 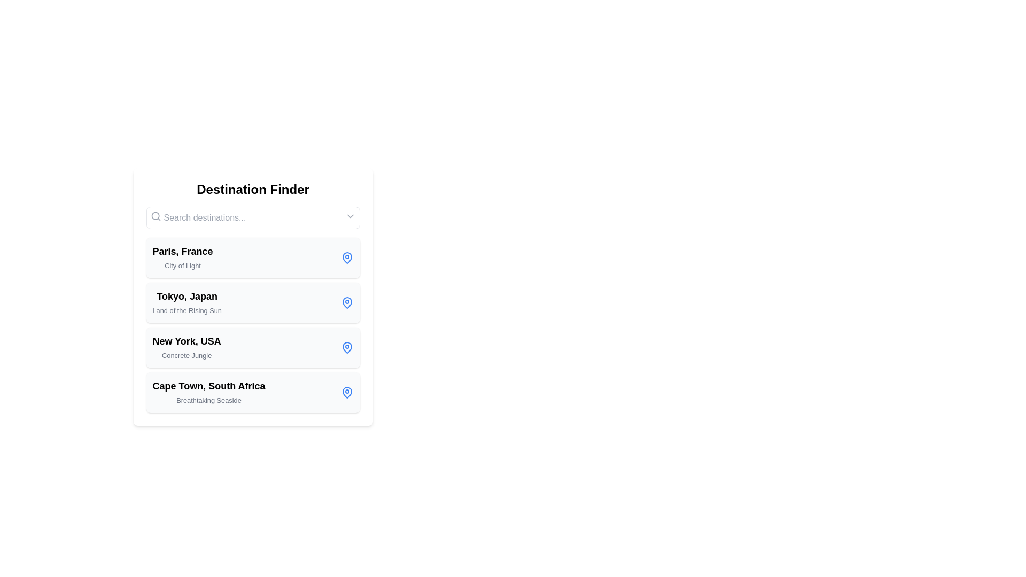 I want to click on the first list item representing 'Paris, France' in the 'Destination Finder' panel, so click(x=252, y=258).